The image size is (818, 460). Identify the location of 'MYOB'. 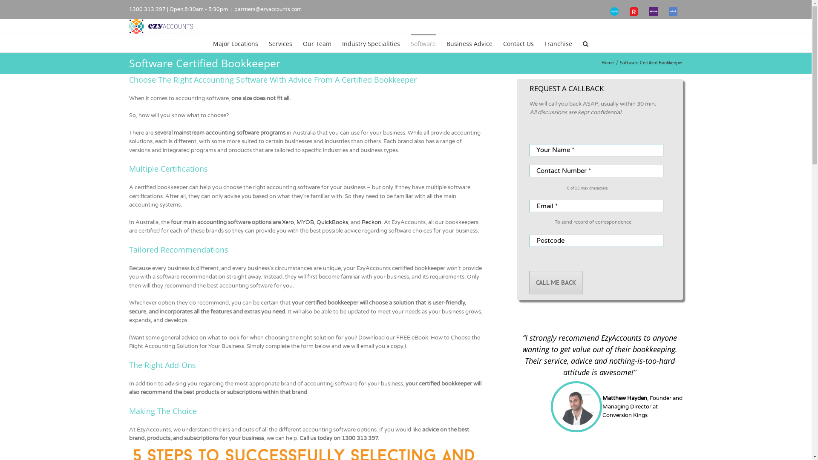
(305, 221).